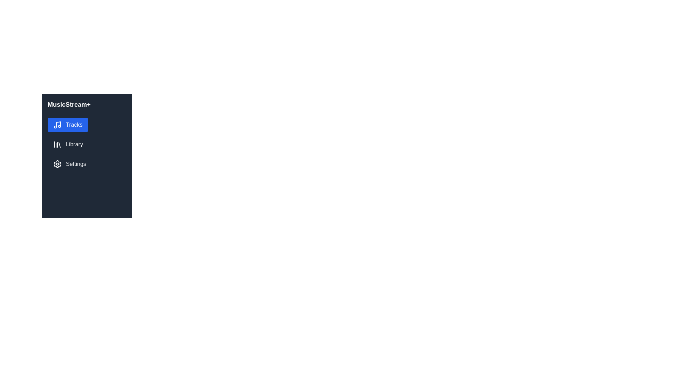  Describe the element at coordinates (57, 164) in the screenshot. I see `the gear-shaped icon that opens the application settings, located within the 'Settings' option in the vertical navigation menu` at that location.